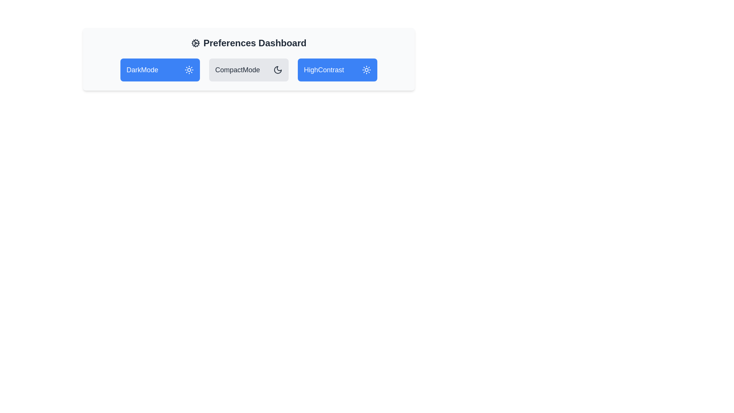 This screenshot has width=734, height=413. Describe the element at coordinates (249, 70) in the screenshot. I see `the preference option CompactMode to observe its hover effect` at that location.